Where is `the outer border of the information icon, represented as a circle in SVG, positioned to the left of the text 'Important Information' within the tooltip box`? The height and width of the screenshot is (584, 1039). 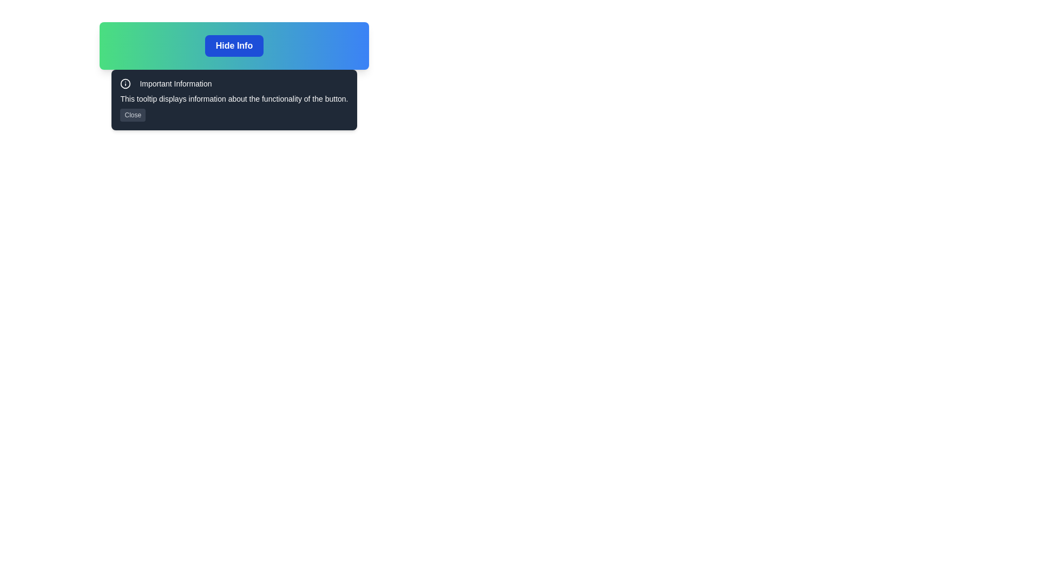
the outer border of the information icon, represented as a circle in SVG, positioned to the left of the text 'Important Information' within the tooltip box is located at coordinates (126, 83).